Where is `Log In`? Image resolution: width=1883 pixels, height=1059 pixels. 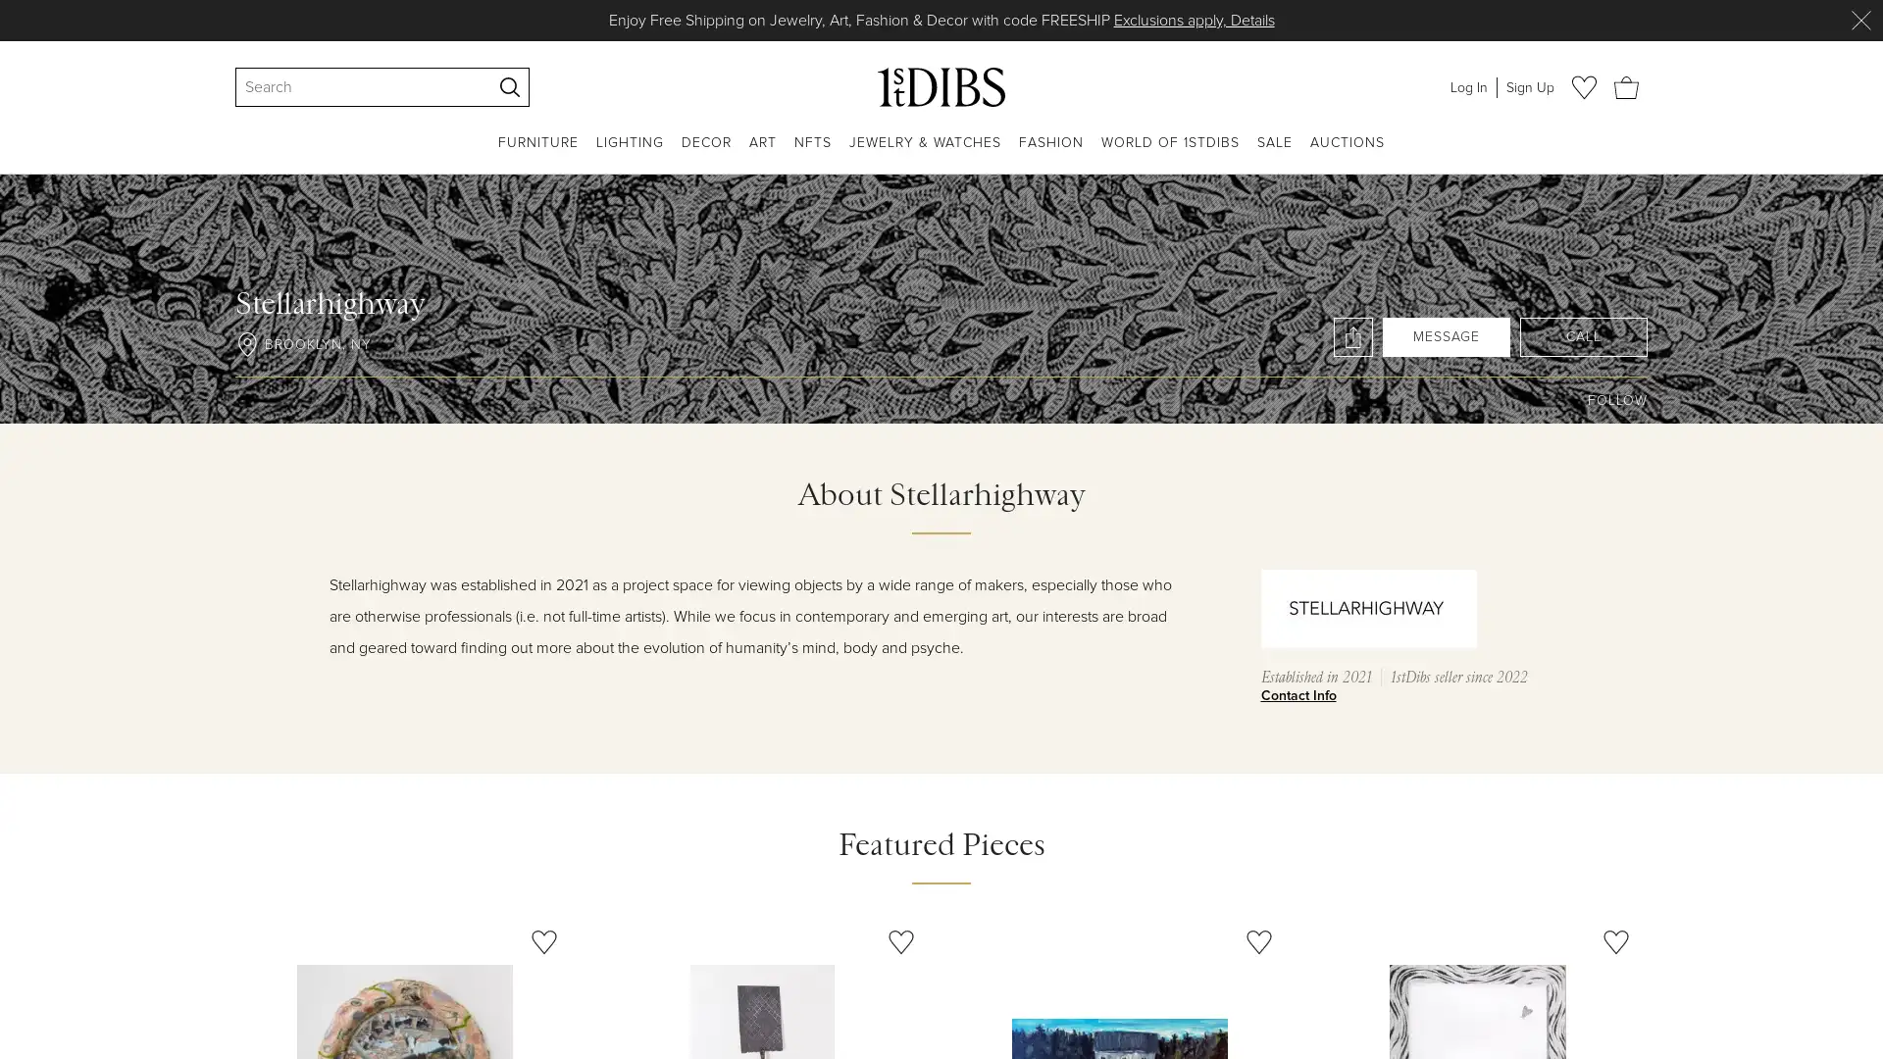
Log In is located at coordinates (1468, 85).